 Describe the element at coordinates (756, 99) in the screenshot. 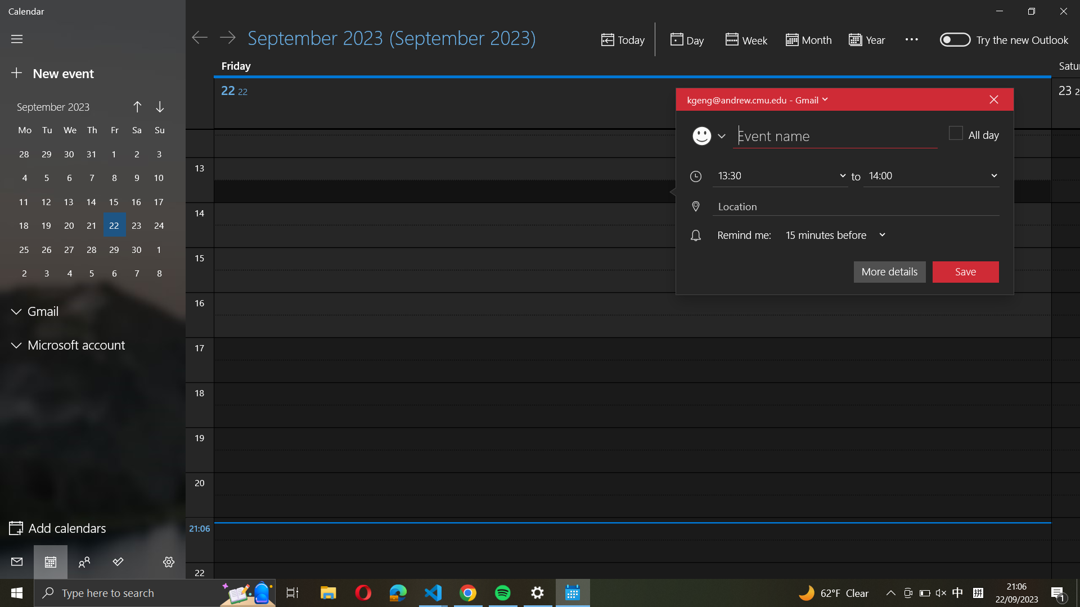

I see `Alter the event account information` at that location.